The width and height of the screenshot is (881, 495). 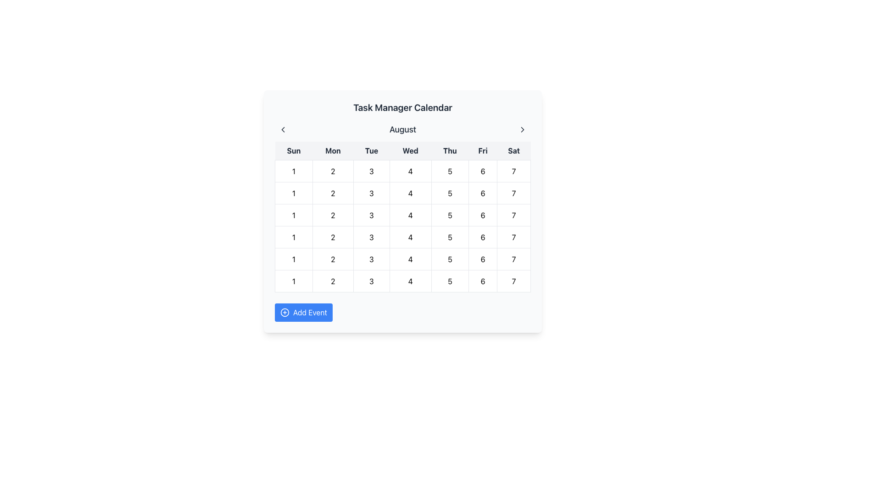 I want to click on the chevron icon button in the top-right corner of the calendar interface, so click(x=522, y=129).